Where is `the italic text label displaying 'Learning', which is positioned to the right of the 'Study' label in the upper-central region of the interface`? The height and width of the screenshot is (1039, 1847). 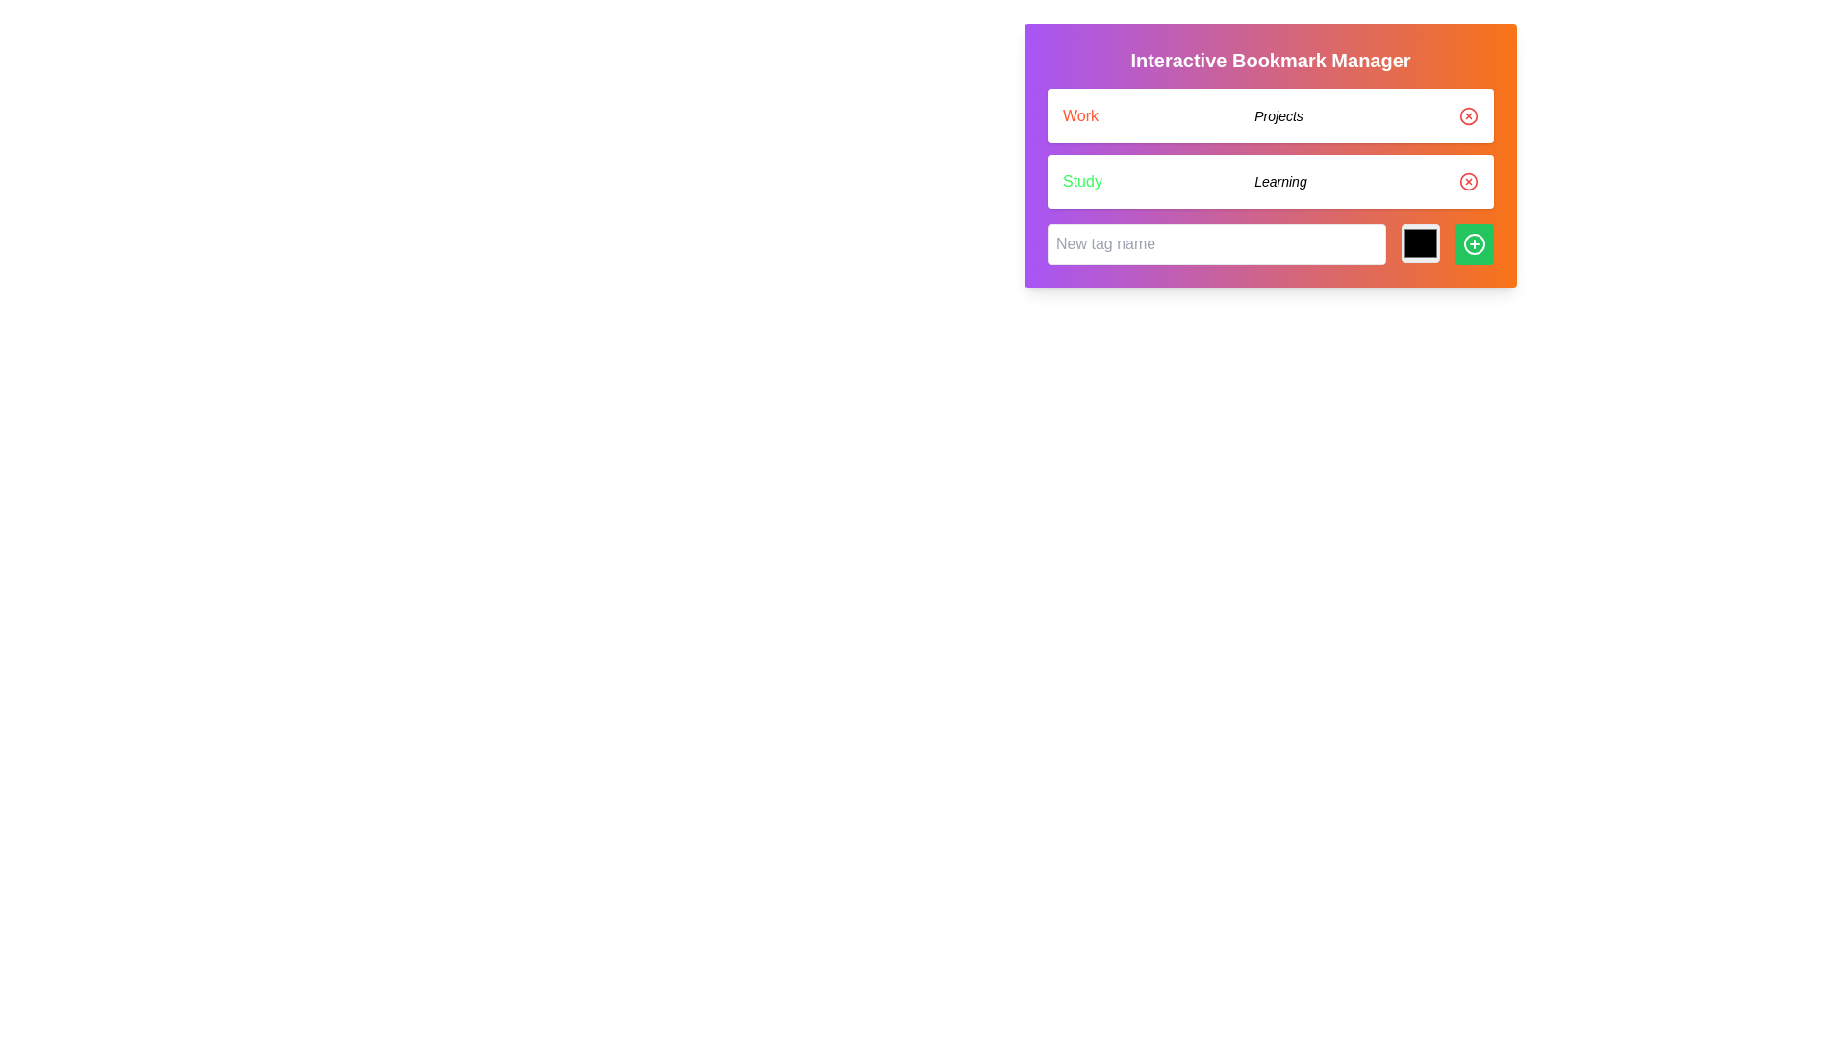
the italic text label displaying 'Learning', which is positioned to the right of the 'Study' label in the upper-central region of the interface is located at coordinates (1280, 182).